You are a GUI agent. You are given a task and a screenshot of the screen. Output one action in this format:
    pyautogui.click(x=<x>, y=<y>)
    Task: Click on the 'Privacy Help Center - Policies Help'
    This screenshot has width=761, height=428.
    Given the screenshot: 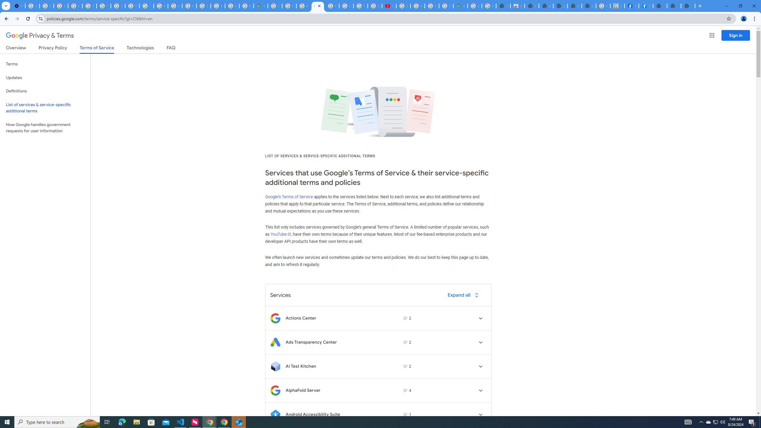 What is the action you would take?
    pyautogui.click(x=89, y=6)
    